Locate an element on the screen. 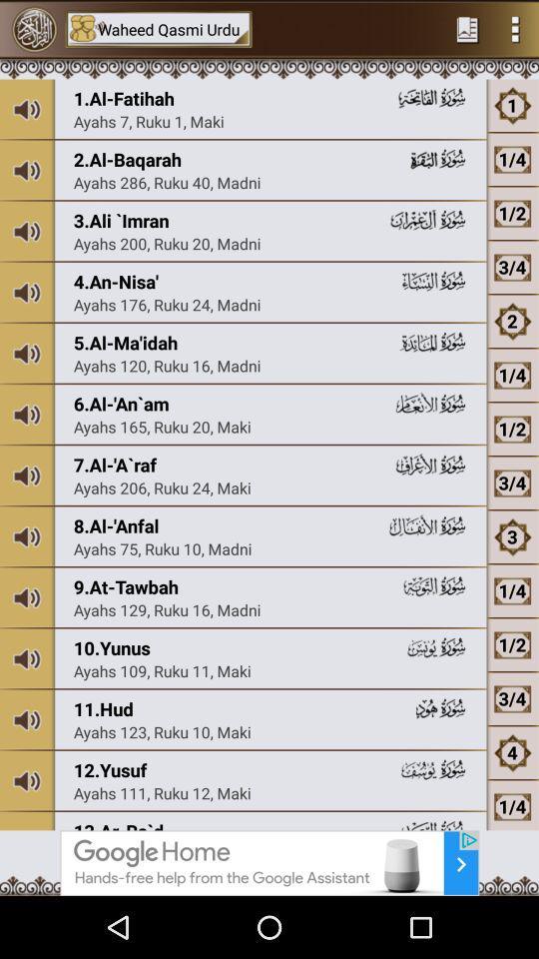 The height and width of the screenshot is (959, 539). the bookmark icon is located at coordinates (467, 30).